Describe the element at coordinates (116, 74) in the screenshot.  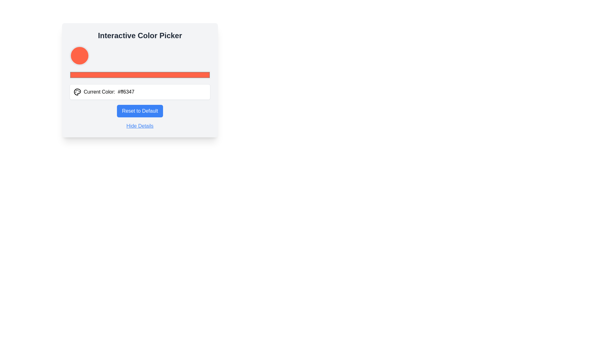
I see `the slider value` at that location.